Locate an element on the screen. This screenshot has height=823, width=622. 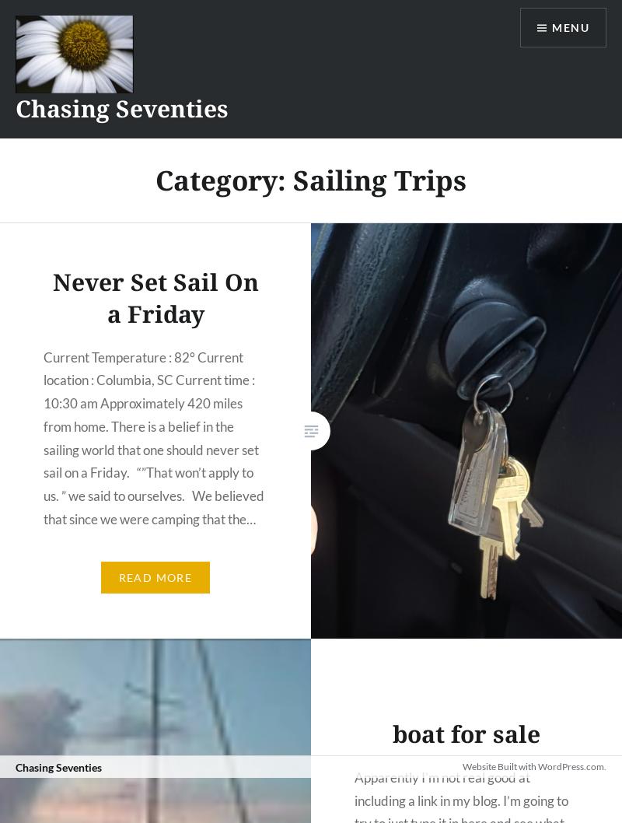
'.' is located at coordinates (604, 804).